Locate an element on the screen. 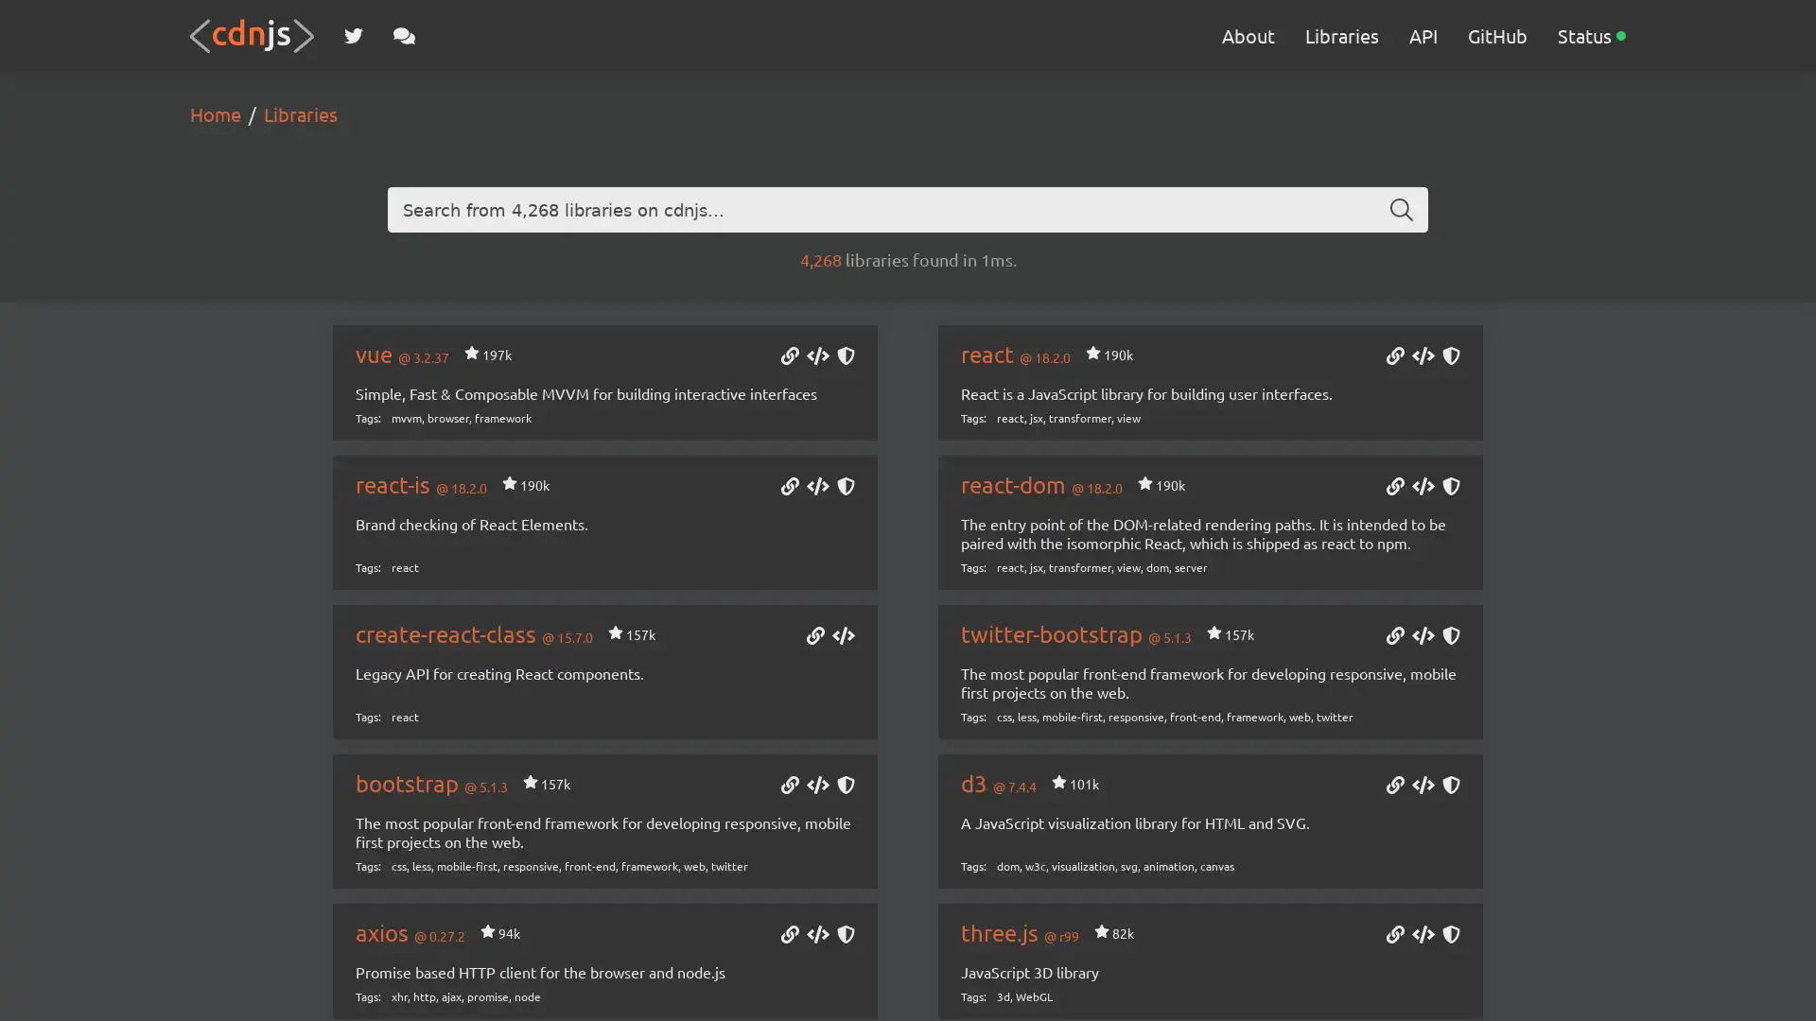 The image size is (1816, 1021). Copy SRI Hash is located at coordinates (1450, 357).